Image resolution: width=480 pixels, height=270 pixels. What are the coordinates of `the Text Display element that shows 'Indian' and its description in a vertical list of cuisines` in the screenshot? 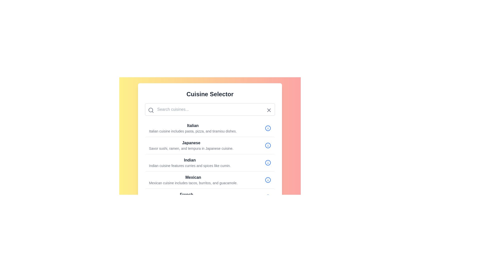 It's located at (189, 163).